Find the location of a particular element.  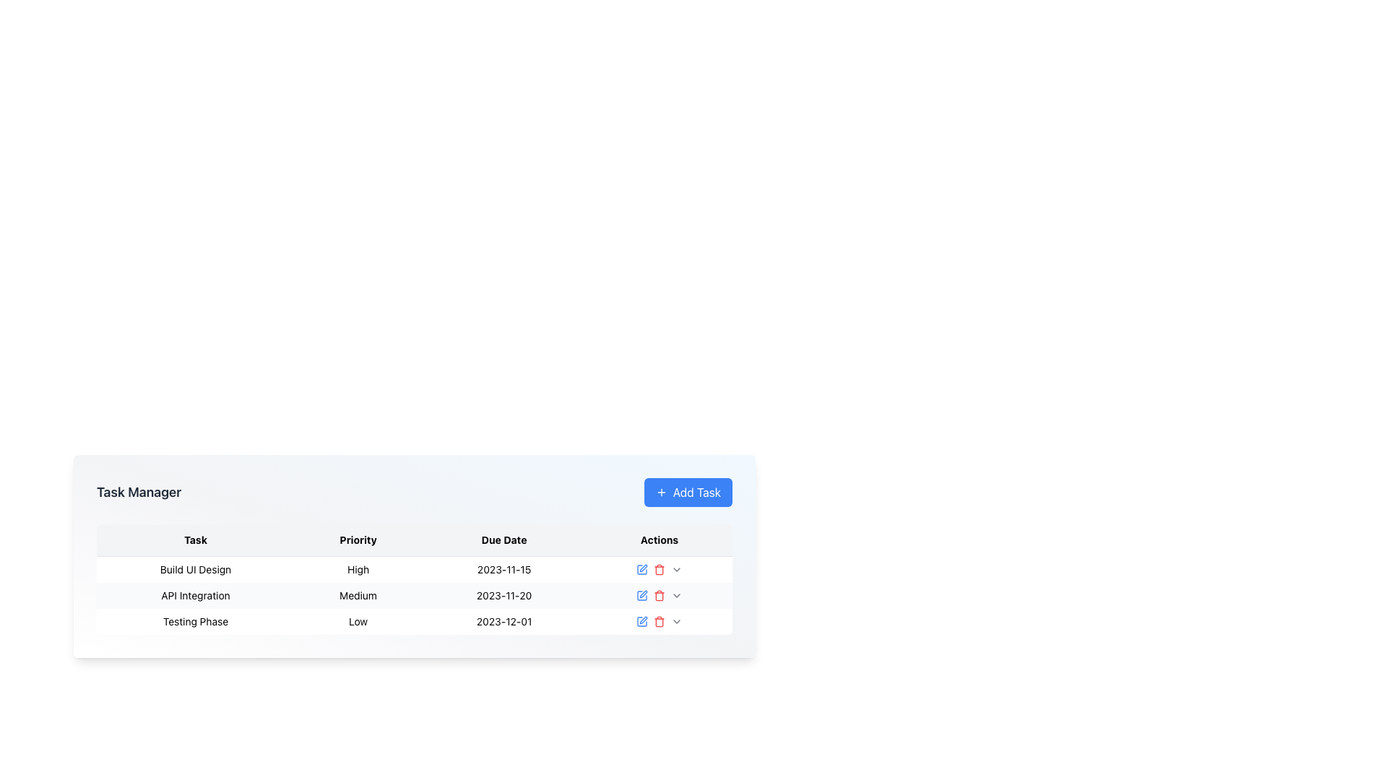

the interactive icons representing actions such as editing, deleting, and dropdown in the 'Actions' column of the first row in the 'Task Manager' table for the task 'Build UI Design' is located at coordinates (659, 569).